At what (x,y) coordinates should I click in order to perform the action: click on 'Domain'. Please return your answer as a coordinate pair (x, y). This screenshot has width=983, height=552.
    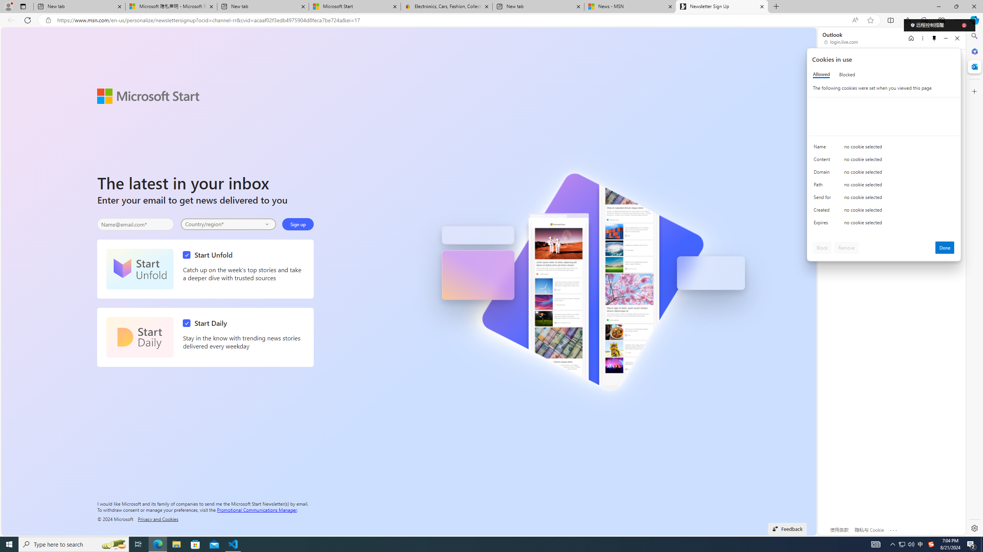
    Looking at the image, I should click on (823, 173).